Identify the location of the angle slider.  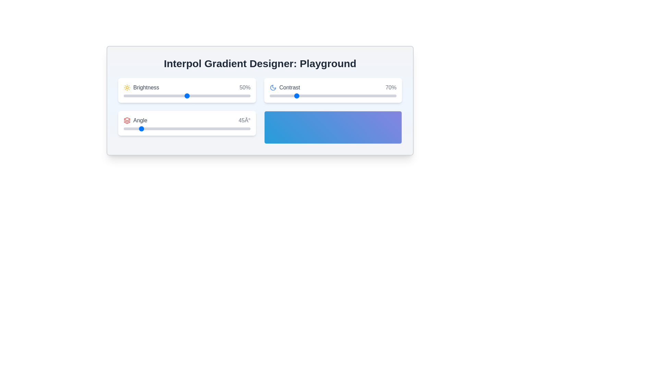
(183, 128).